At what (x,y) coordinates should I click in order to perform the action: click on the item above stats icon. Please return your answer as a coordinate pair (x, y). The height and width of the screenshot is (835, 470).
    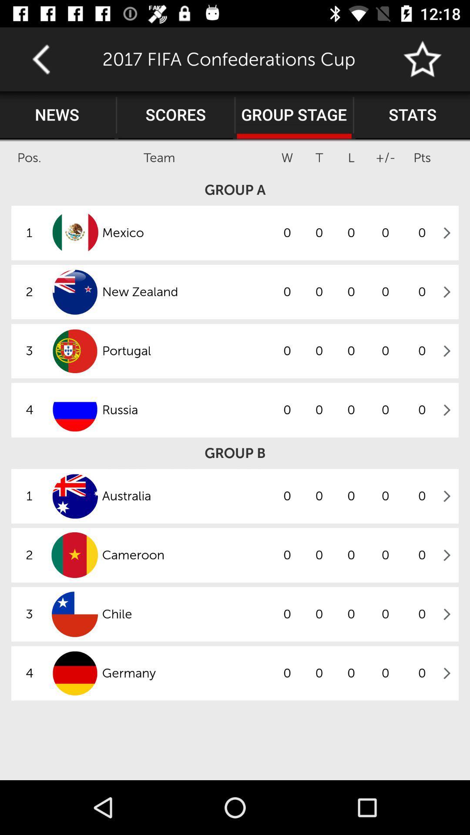
    Looking at the image, I should click on (423, 59).